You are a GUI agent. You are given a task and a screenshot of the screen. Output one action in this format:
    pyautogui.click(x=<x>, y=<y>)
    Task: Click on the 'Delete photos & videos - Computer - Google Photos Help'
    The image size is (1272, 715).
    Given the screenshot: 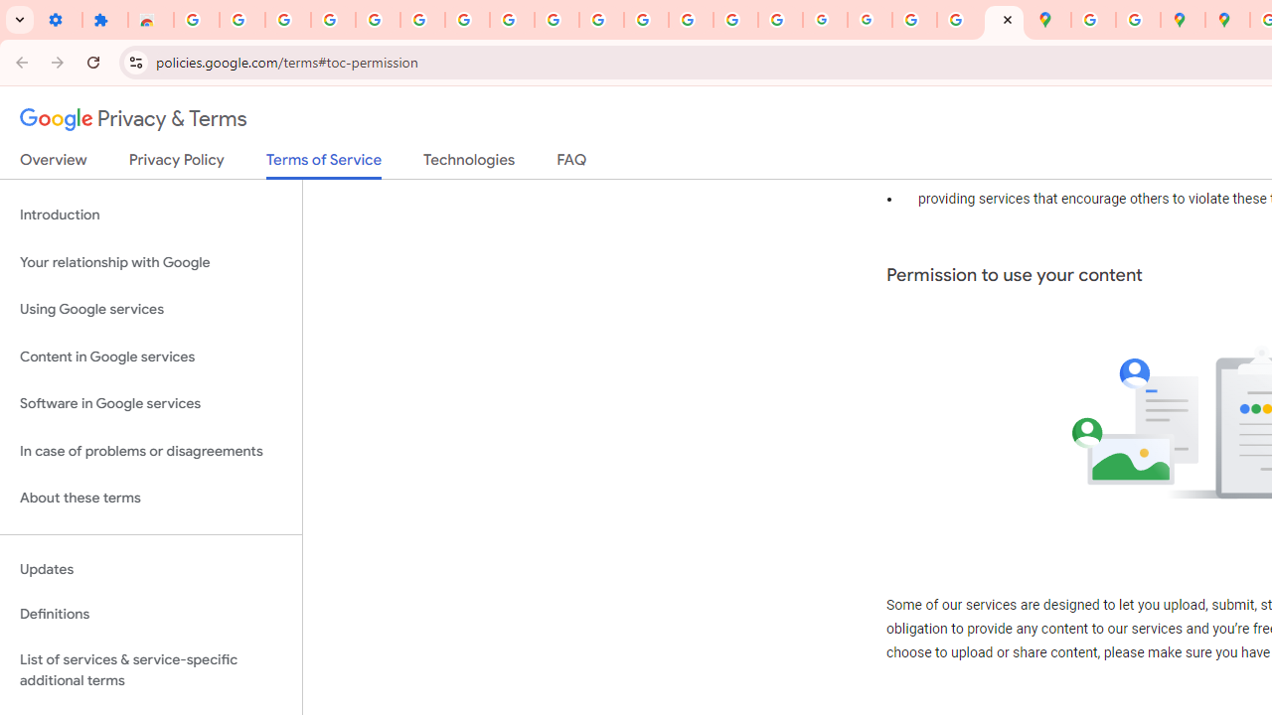 What is the action you would take?
    pyautogui.click(x=287, y=20)
    